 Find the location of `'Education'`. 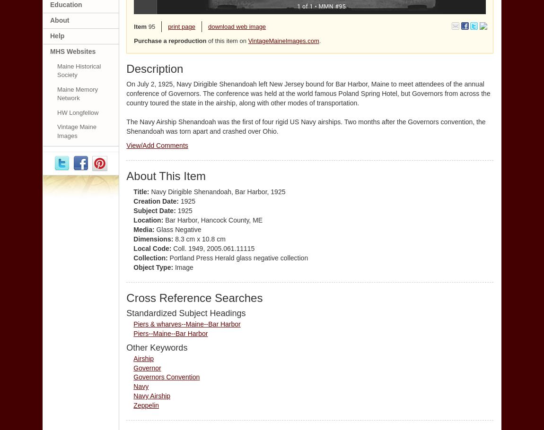

'Education' is located at coordinates (65, 4).